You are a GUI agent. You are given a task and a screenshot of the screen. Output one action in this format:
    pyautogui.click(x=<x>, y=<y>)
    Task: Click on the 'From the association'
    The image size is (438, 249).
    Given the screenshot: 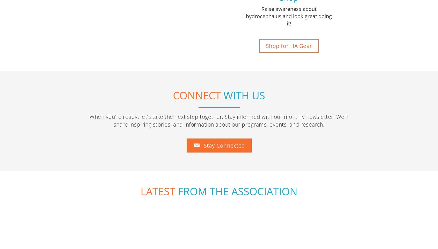 What is the action you would take?
    pyautogui.click(x=238, y=125)
    